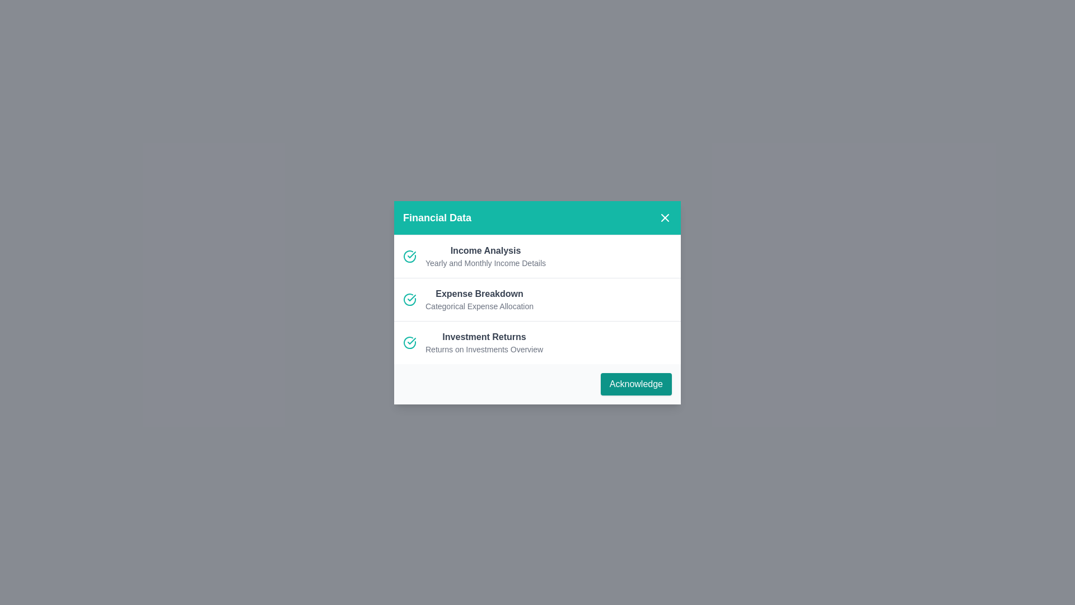 Image resolution: width=1075 pixels, height=605 pixels. Describe the element at coordinates (485, 250) in the screenshot. I see `the list item with title Income Analysis` at that location.